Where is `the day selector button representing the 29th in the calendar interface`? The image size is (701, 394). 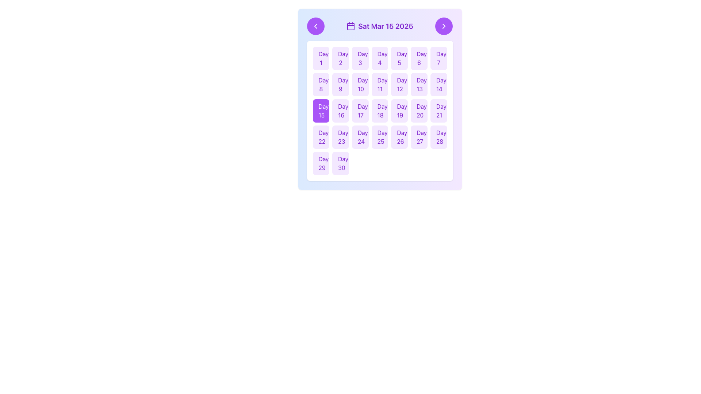 the day selector button representing the 29th in the calendar interface is located at coordinates (321, 163).